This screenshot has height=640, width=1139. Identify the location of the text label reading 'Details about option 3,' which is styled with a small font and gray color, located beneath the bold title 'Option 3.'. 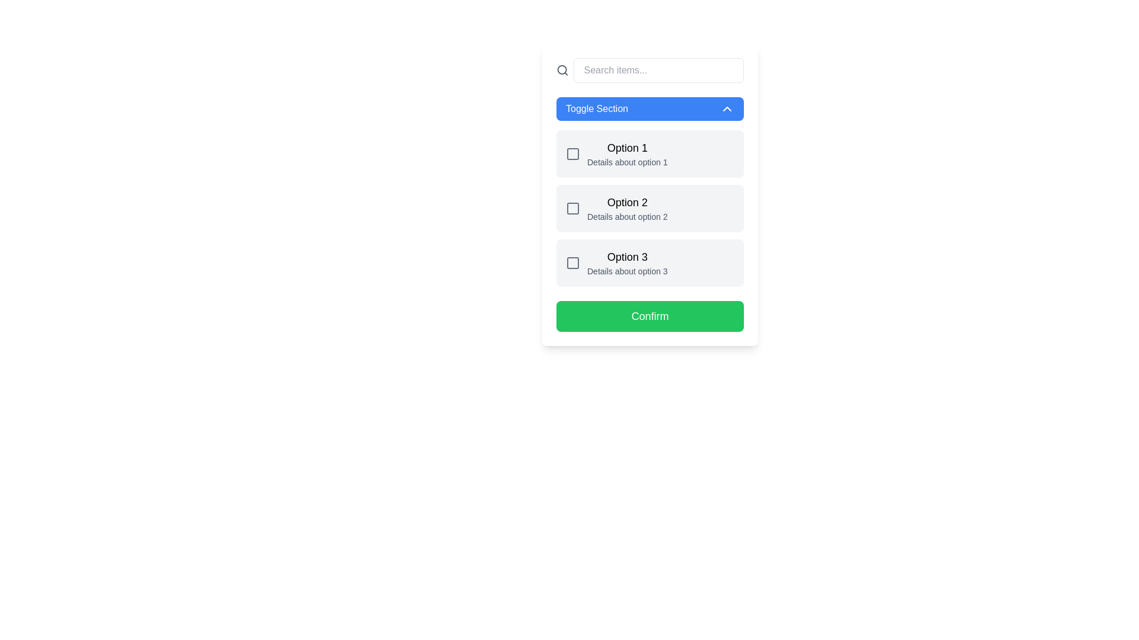
(626, 271).